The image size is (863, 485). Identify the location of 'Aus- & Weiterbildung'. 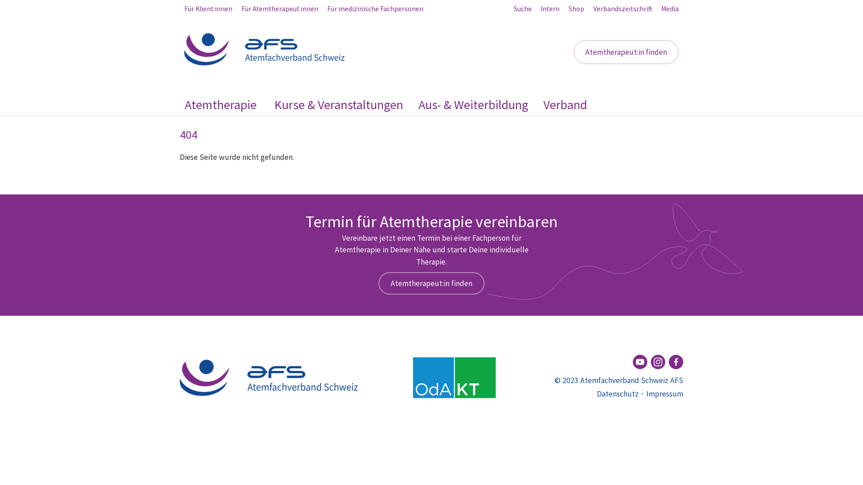
(472, 104).